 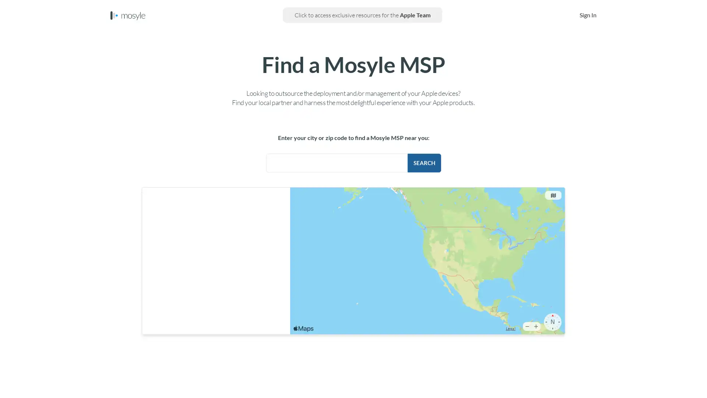 What do you see at coordinates (553, 195) in the screenshot?
I see `Change the map type` at bounding box center [553, 195].